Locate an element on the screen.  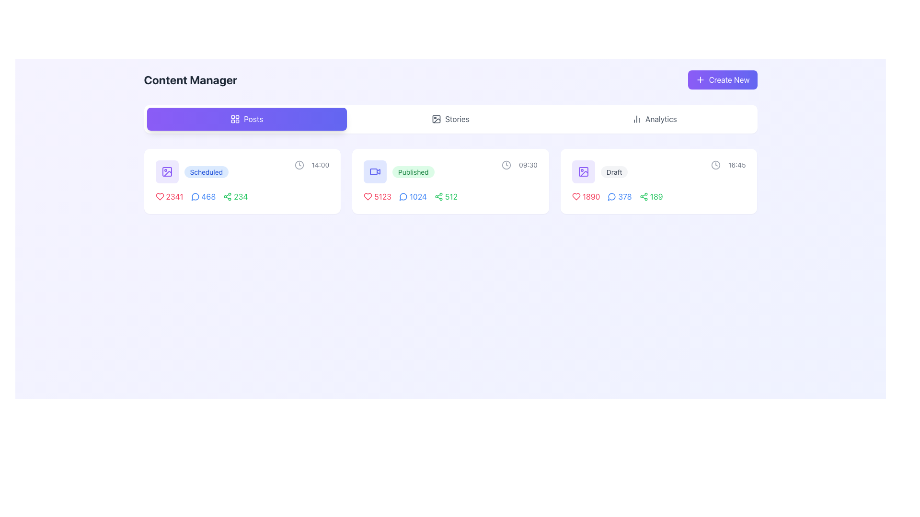
the vector graphic circle element within the clock icon on the right side of the 'Published' card, which is centrally located within the icon is located at coordinates (506, 164).